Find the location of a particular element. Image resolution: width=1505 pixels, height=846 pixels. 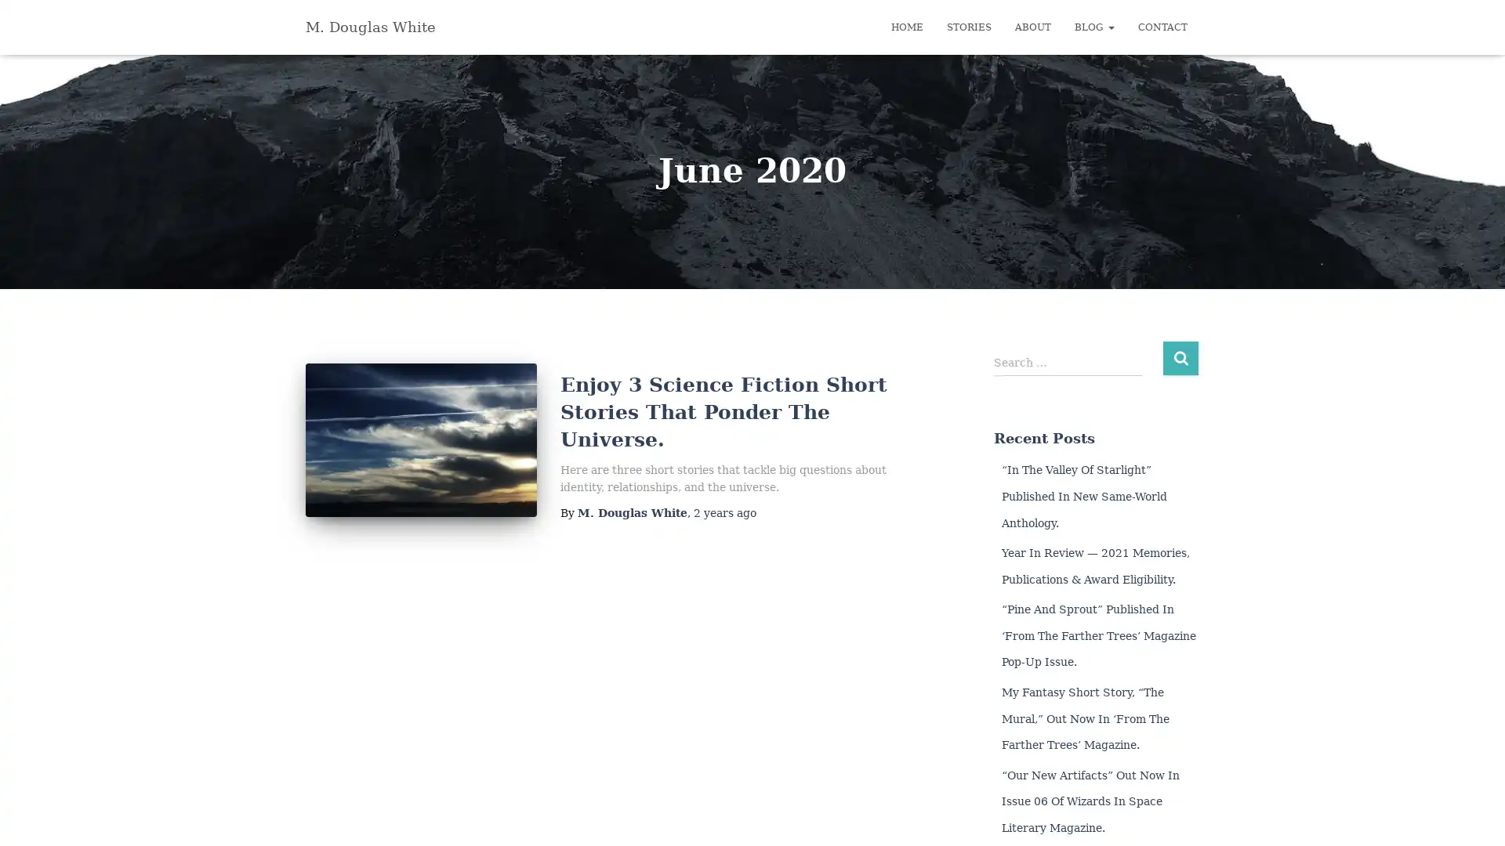

Search is located at coordinates (1180, 357).